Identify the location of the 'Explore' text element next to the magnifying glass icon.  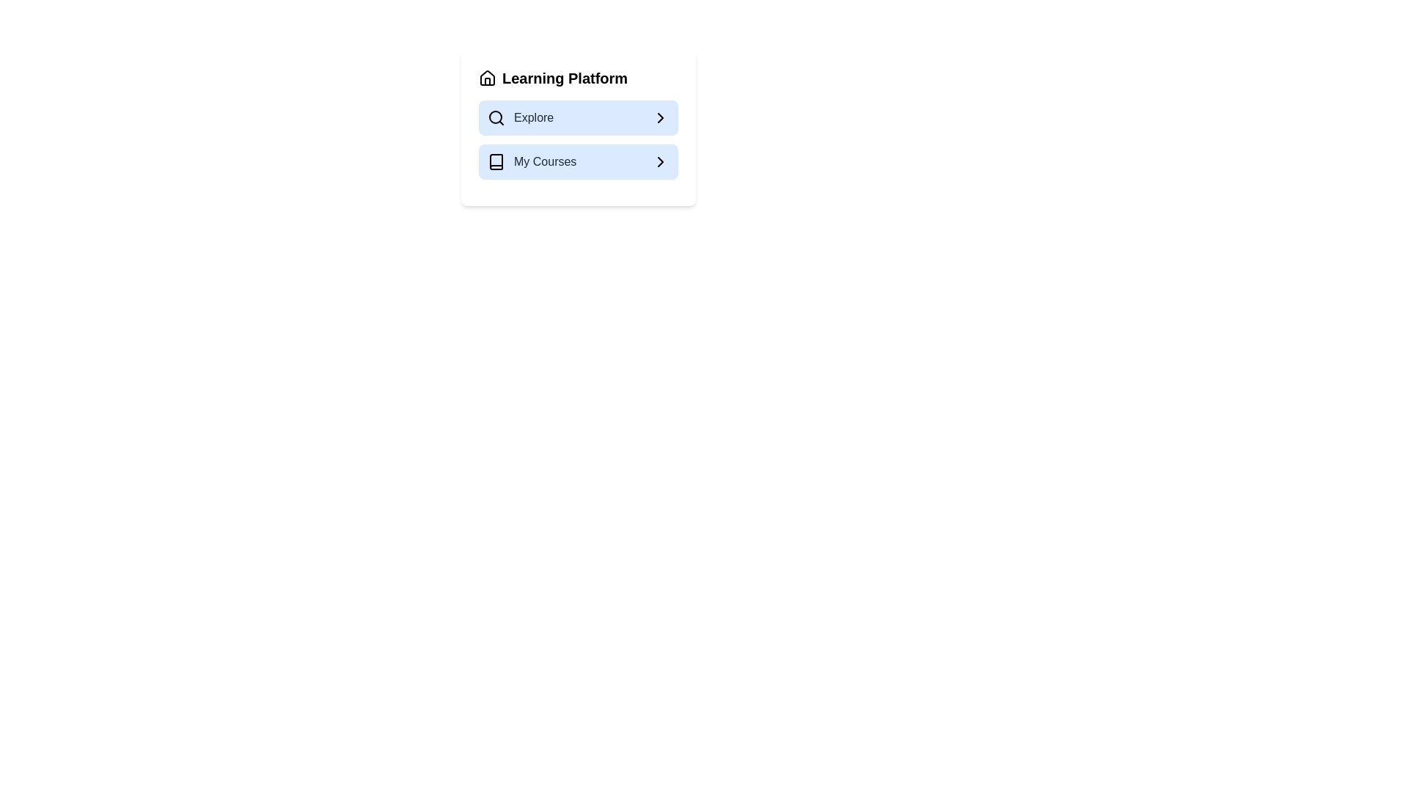
(521, 117).